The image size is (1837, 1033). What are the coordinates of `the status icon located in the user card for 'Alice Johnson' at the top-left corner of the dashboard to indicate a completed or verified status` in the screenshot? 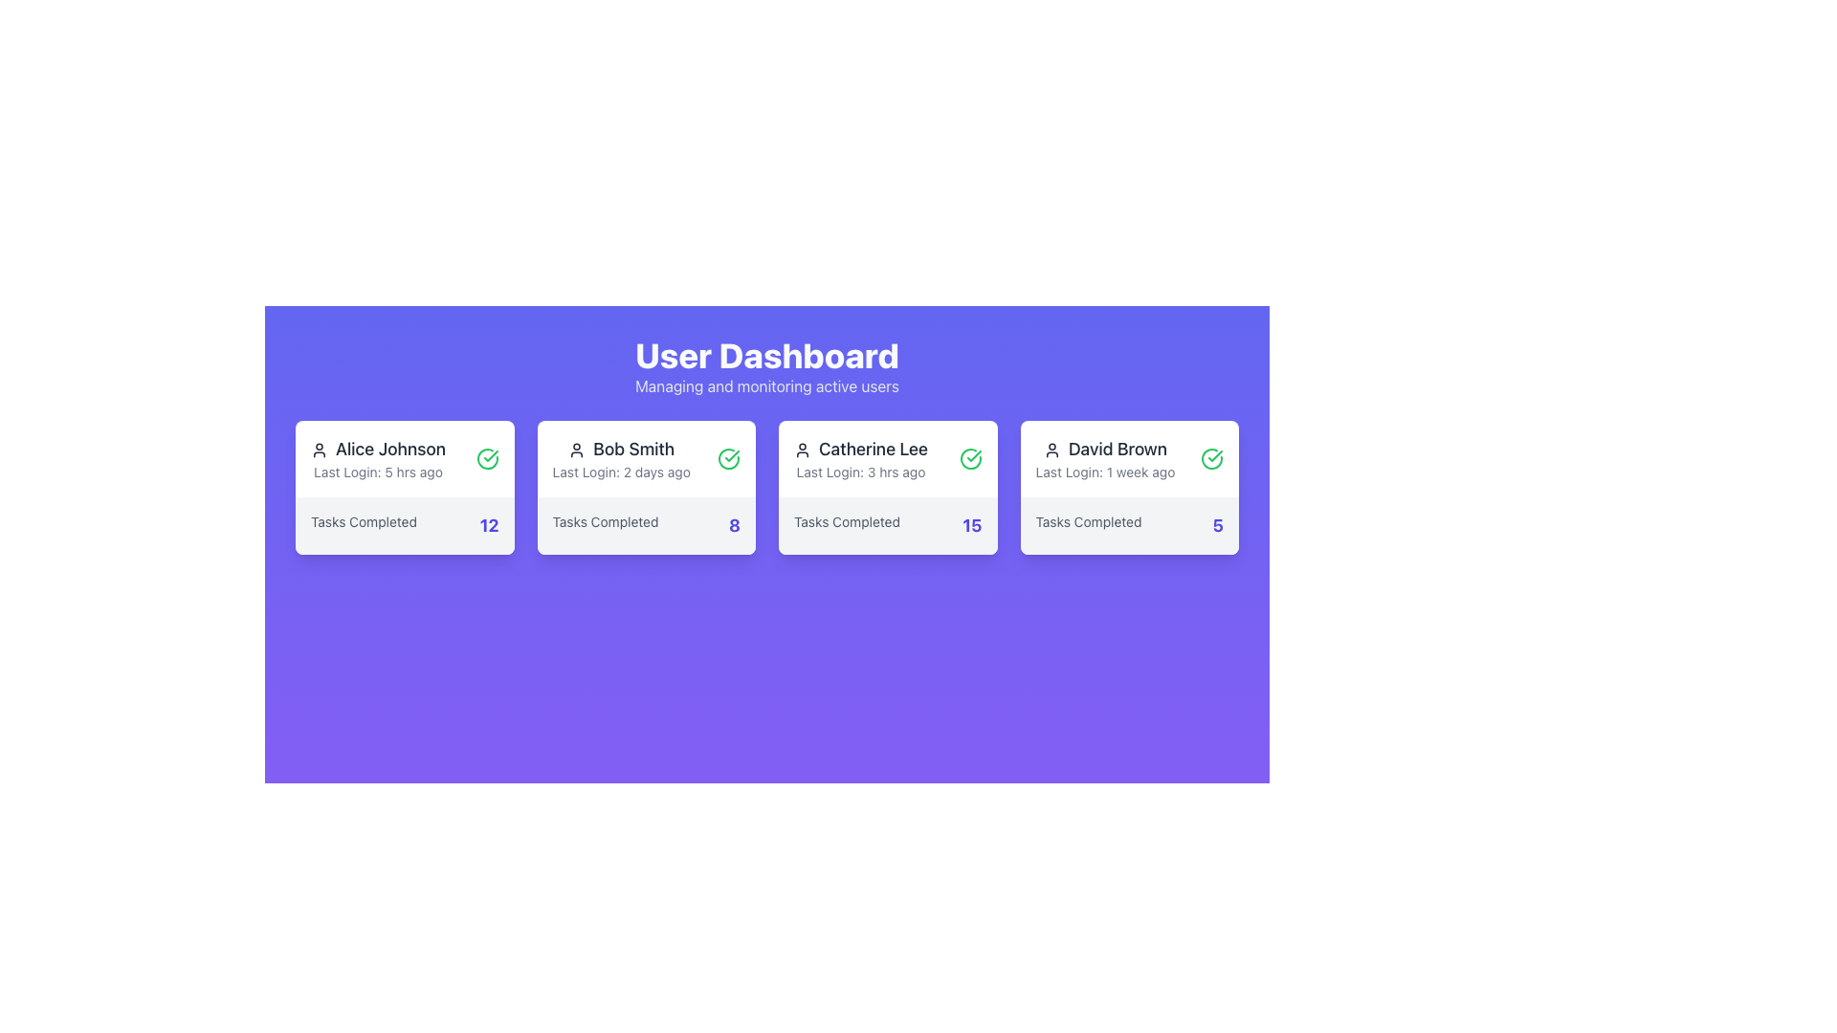 It's located at (487, 458).